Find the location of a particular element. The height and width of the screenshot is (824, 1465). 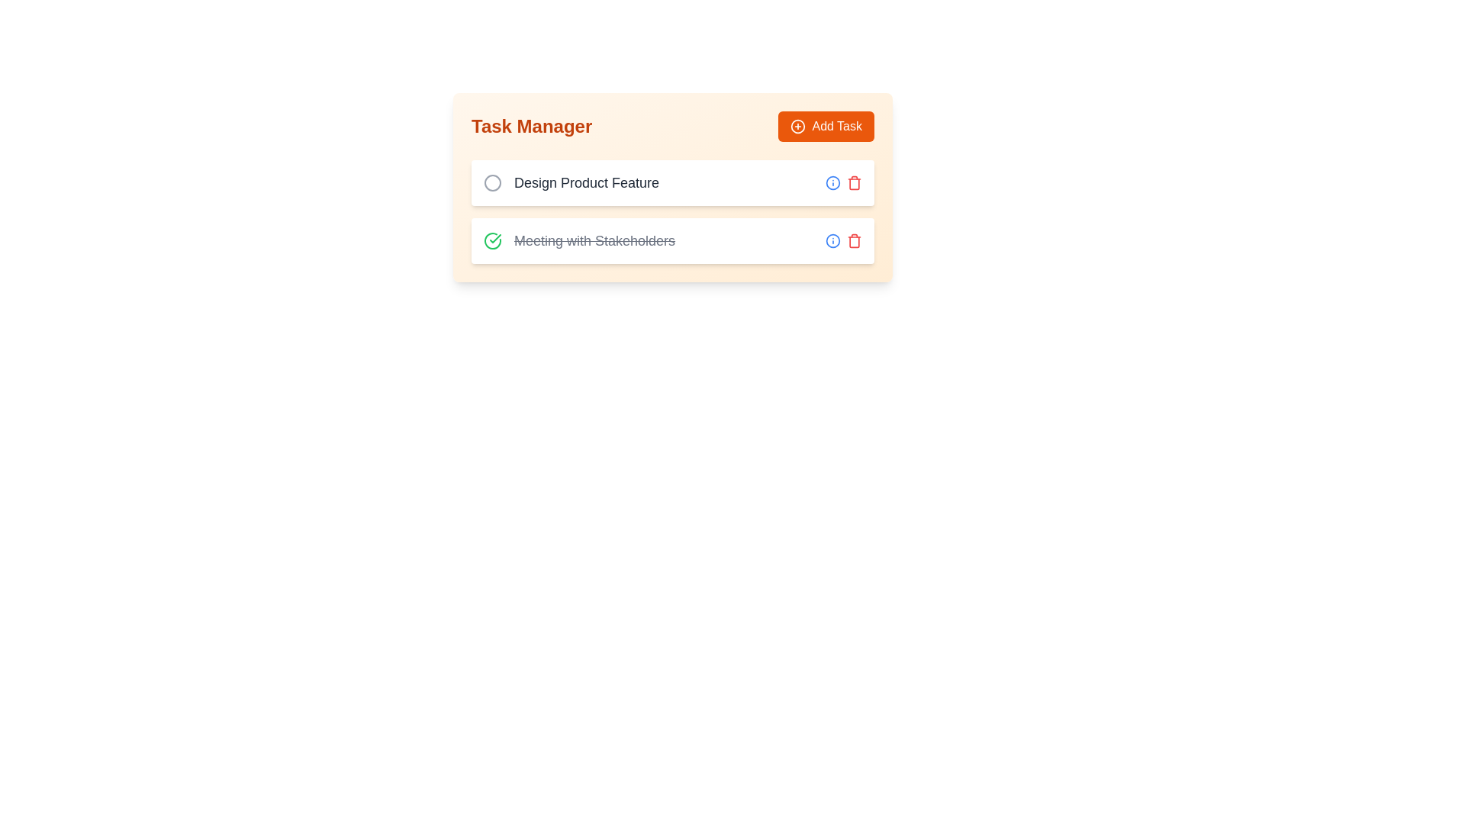

the decorative graphic checkmark icon that indicates the completion of the 'Meeting with Stakeholders' task, located on the left side of the second task entry is located at coordinates (493, 240).